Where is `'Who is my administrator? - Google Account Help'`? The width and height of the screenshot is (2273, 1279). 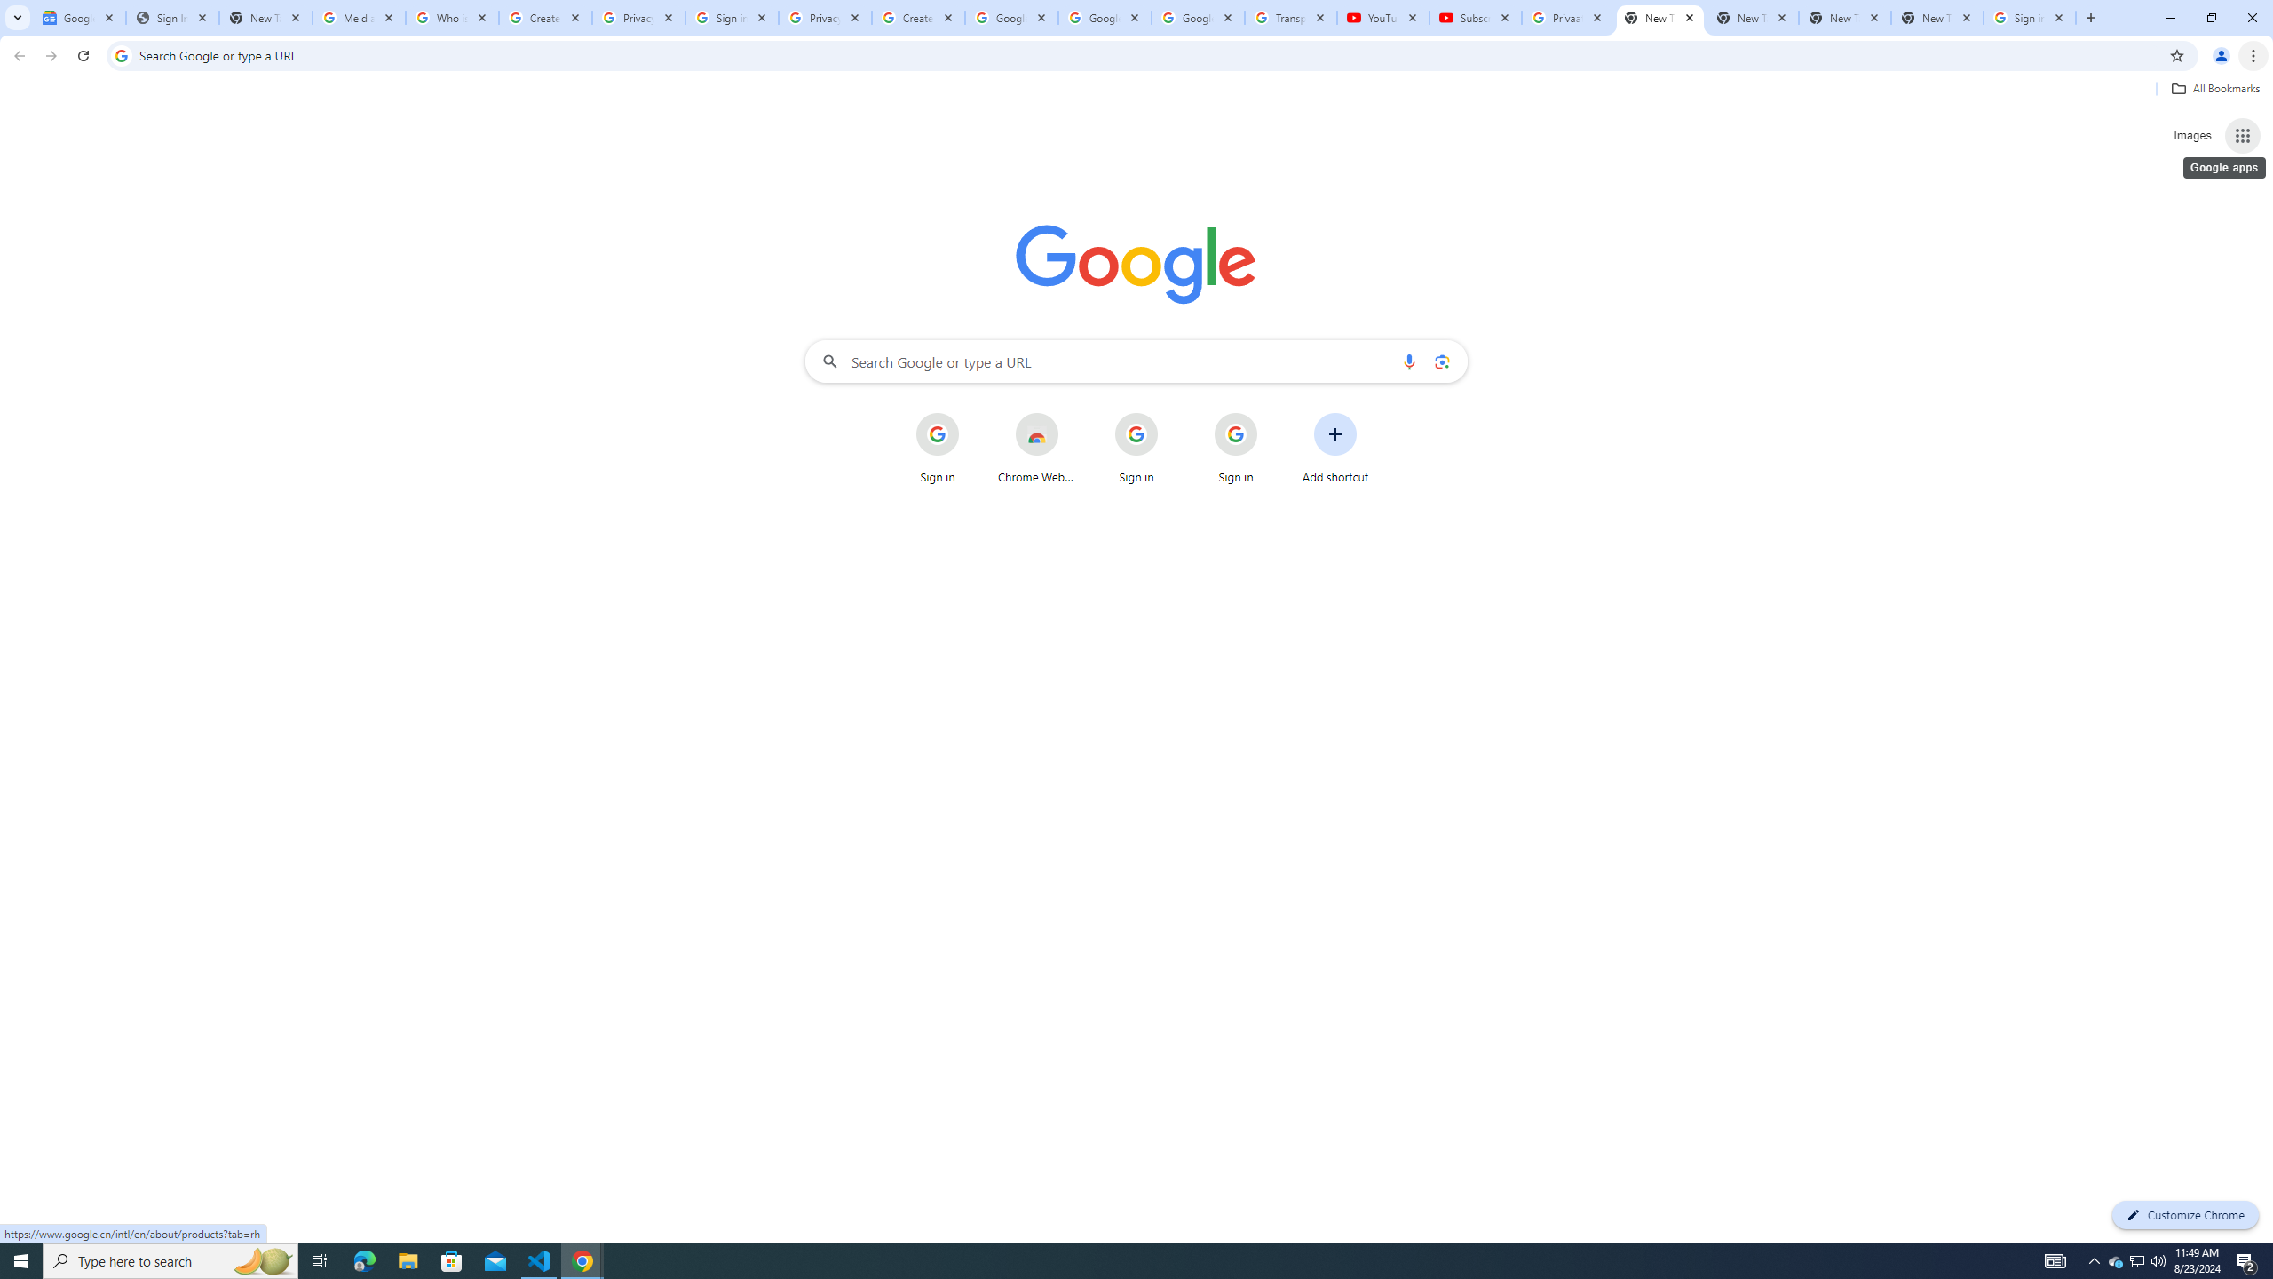
'Who is my administrator? - Google Account Help' is located at coordinates (452, 17).